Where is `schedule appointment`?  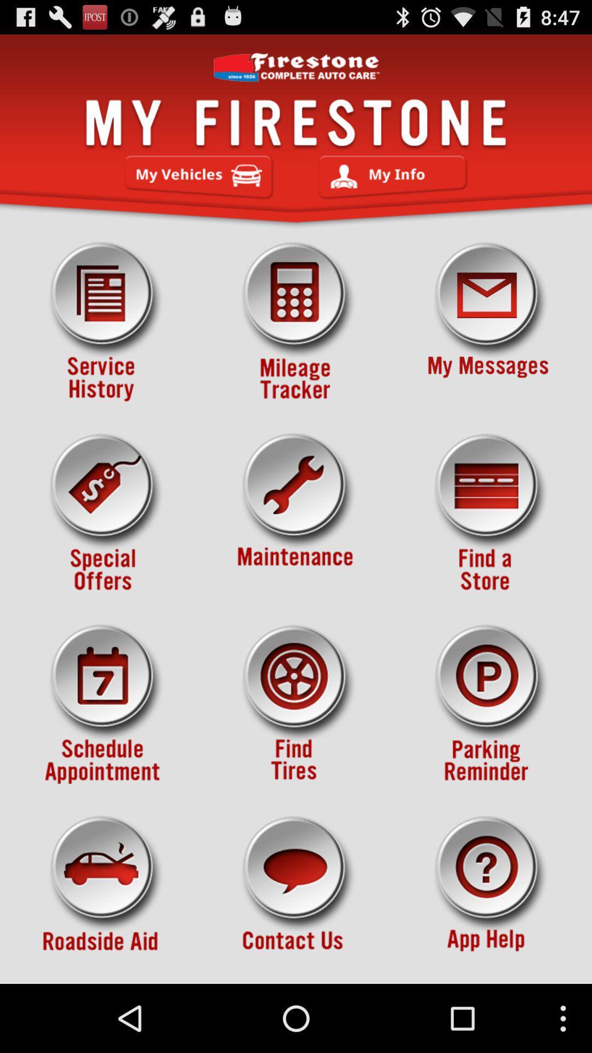
schedule appointment is located at coordinates (104, 704).